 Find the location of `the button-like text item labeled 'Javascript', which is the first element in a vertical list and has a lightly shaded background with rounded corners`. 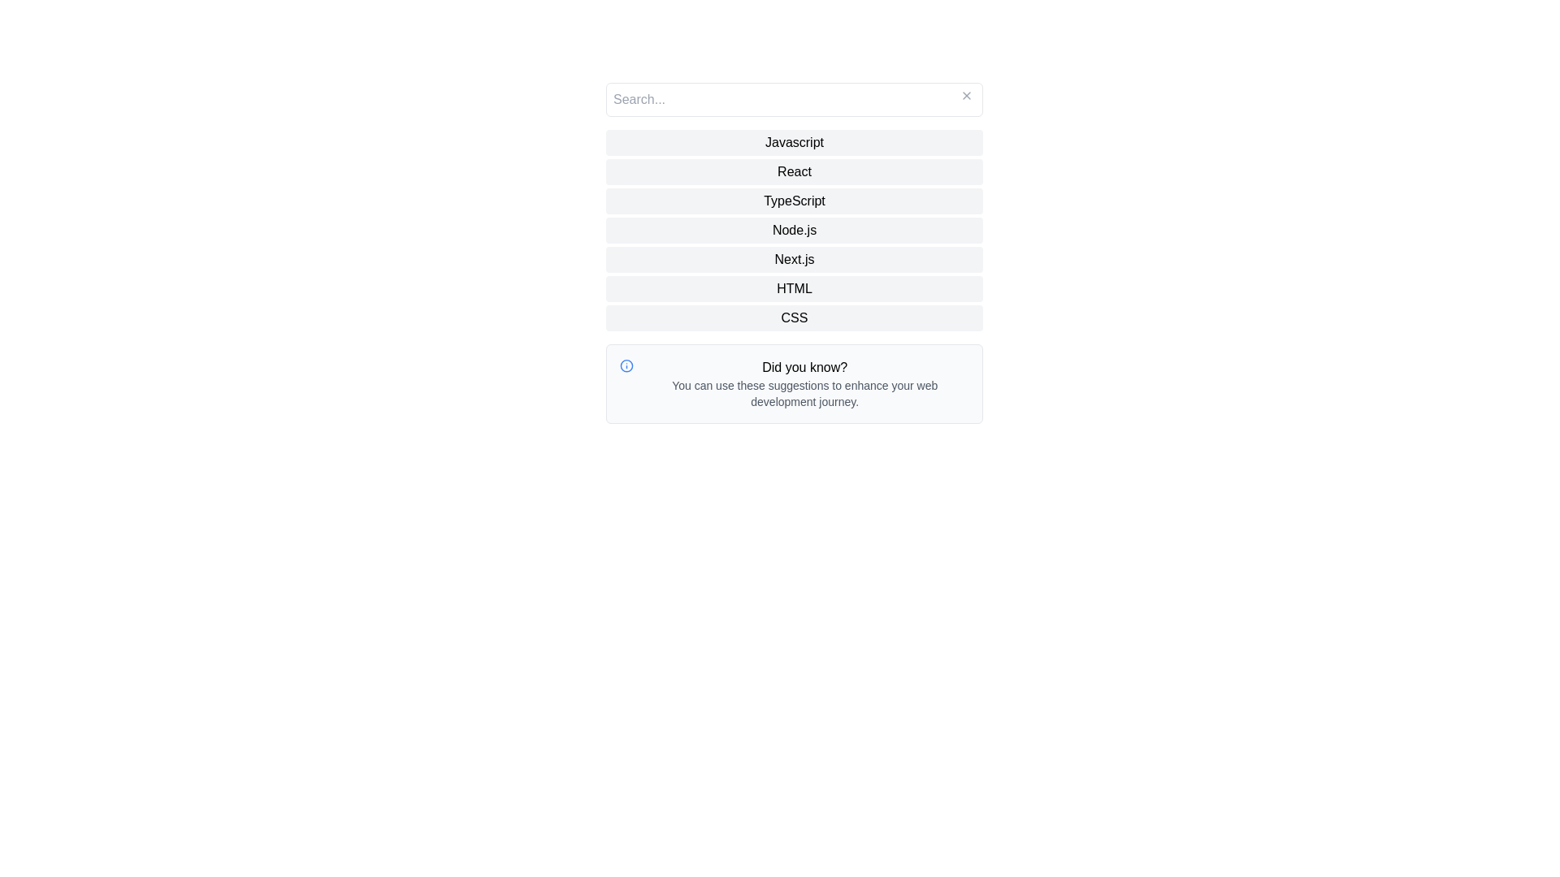

the button-like text item labeled 'Javascript', which is the first element in a vertical list and has a lightly shaded background with rounded corners is located at coordinates (795, 142).